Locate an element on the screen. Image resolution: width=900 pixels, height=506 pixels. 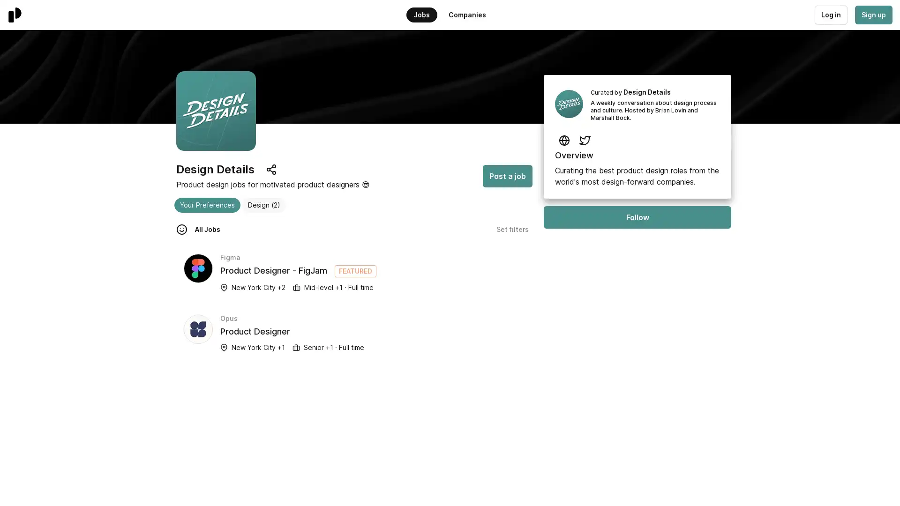
Follow is located at coordinates (637, 217).